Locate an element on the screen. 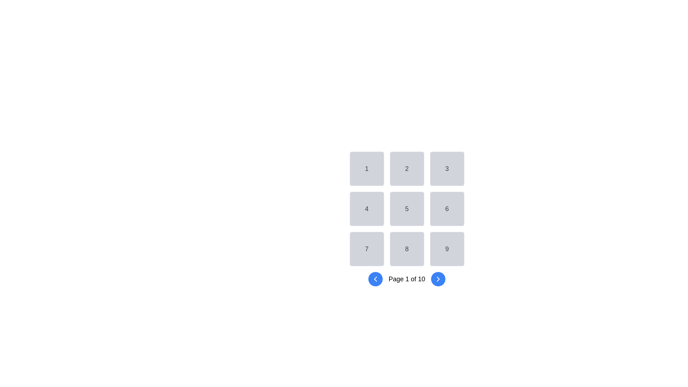 This screenshot has width=688, height=387. the button representing the number '9' located at the bottom-right corner of a grid layout, which is adjacent is located at coordinates (446, 248).